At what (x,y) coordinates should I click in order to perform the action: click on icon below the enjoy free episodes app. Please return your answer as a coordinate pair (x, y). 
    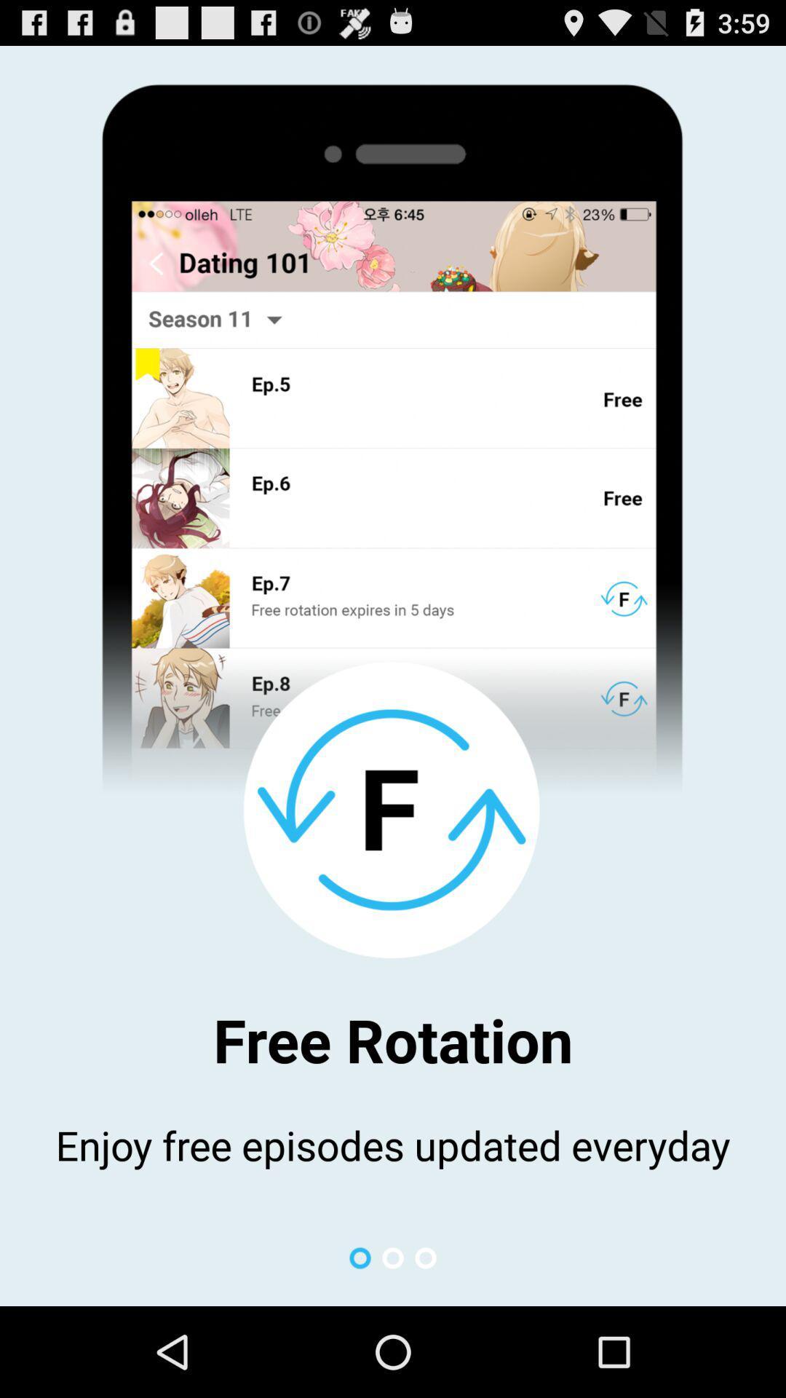
    Looking at the image, I should click on (393, 1257).